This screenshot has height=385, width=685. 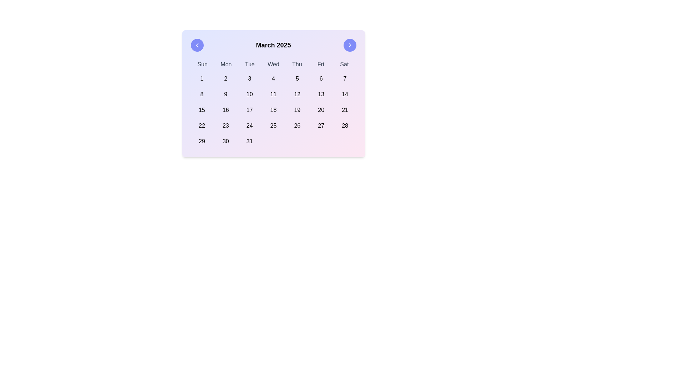 What do you see at coordinates (225, 65) in the screenshot?
I see `the text label displaying 'Mon' in the calendar interface, which is styled with a center-aligned font and medium weight, located between 'Sun' and 'Tue'` at bounding box center [225, 65].